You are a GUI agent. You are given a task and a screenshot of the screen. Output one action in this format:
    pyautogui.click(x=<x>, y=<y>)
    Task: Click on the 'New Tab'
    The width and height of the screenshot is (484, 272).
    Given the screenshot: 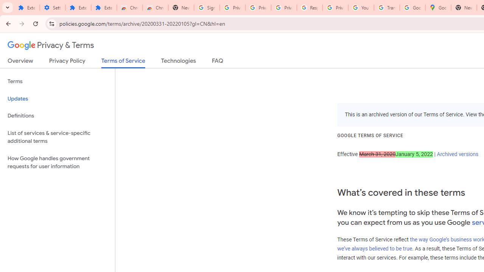 What is the action you would take?
    pyautogui.click(x=181, y=8)
    